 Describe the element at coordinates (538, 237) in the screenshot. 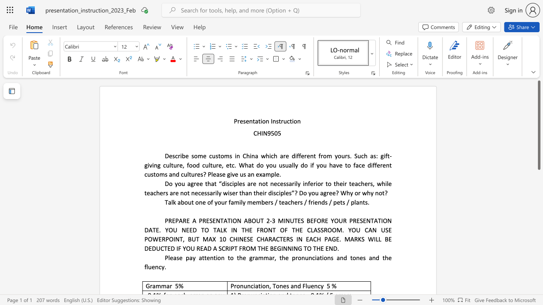

I see `the scrollbar on the side` at that location.